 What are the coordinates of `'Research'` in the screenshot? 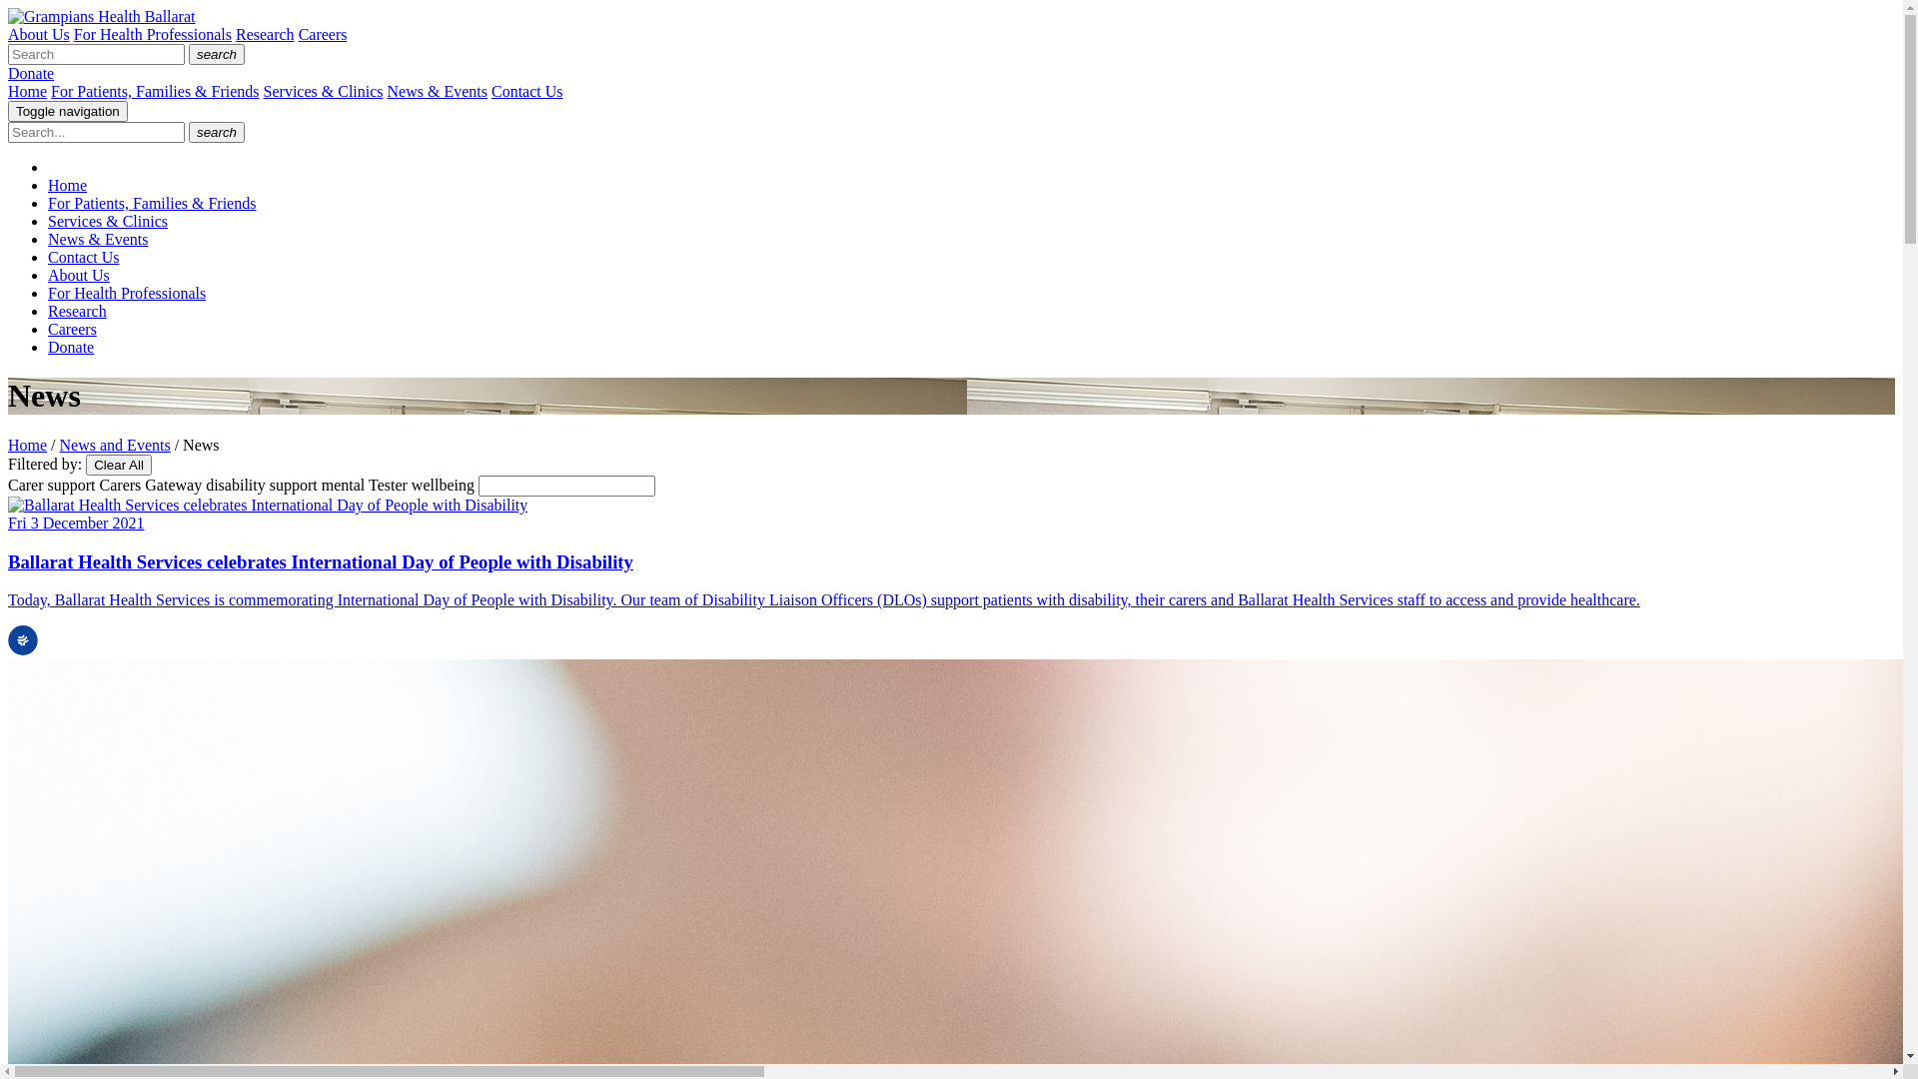 It's located at (77, 311).